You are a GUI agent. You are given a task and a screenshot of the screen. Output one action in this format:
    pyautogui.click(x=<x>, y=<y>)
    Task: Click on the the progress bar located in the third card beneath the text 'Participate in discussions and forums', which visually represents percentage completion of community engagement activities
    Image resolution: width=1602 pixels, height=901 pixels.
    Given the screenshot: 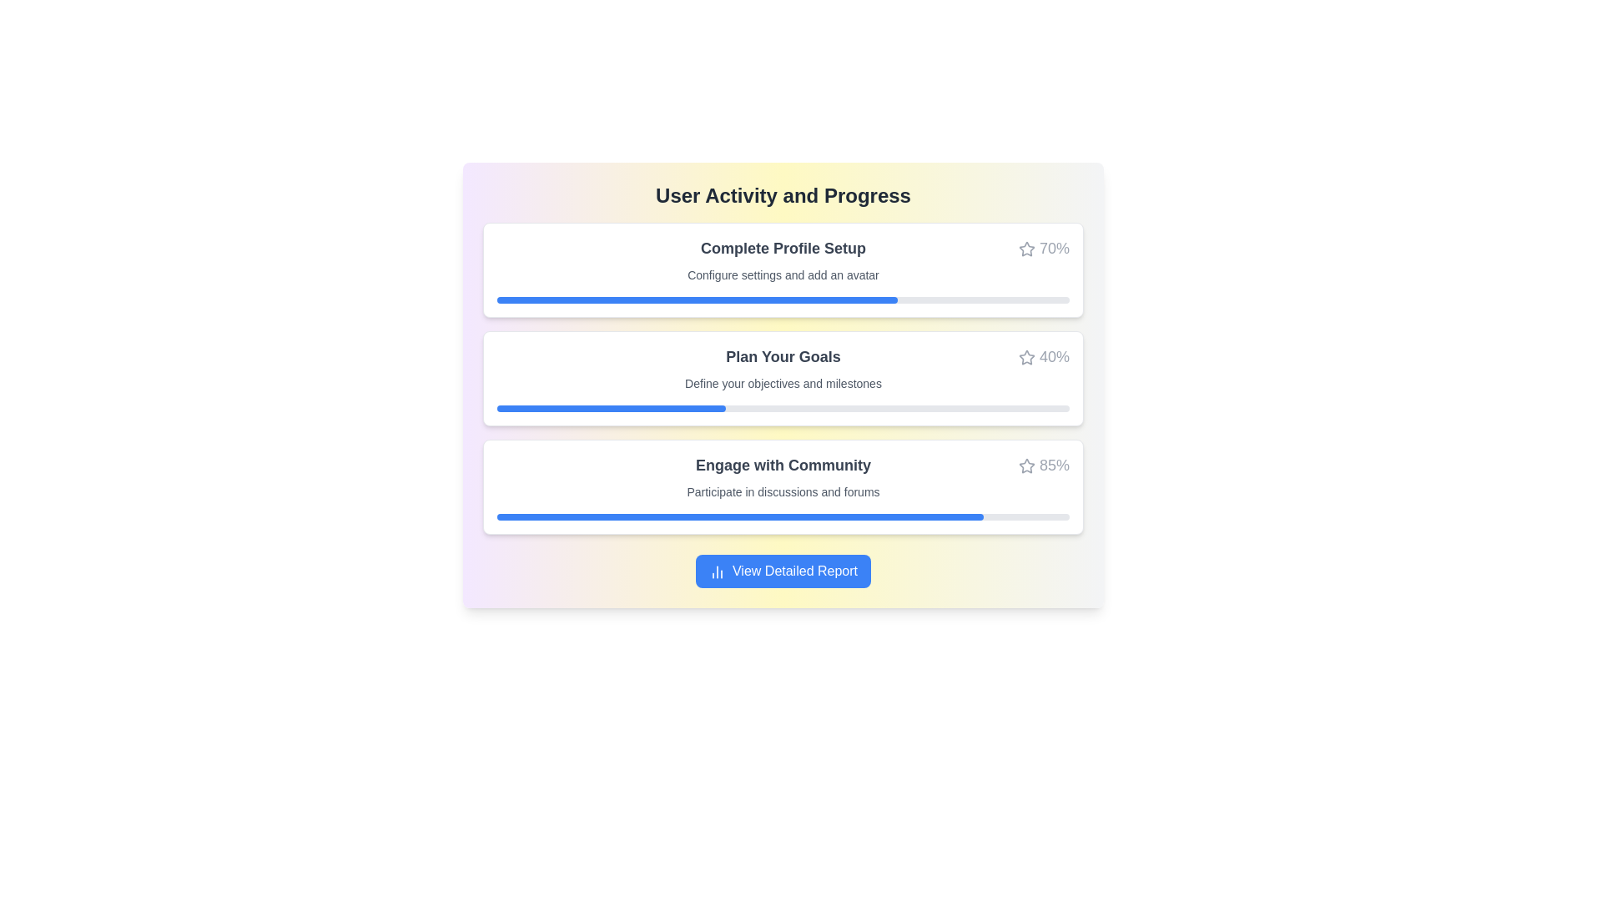 What is the action you would take?
    pyautogui.click(x=783, y=516)
    